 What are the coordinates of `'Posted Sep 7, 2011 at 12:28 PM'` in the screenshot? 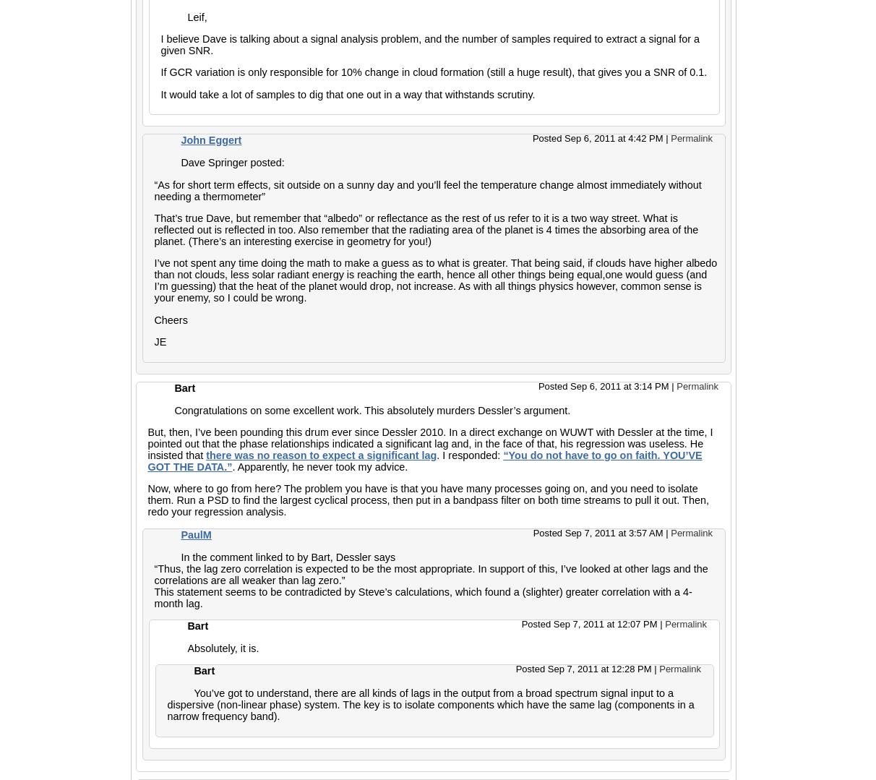 It's located at (584, 669).